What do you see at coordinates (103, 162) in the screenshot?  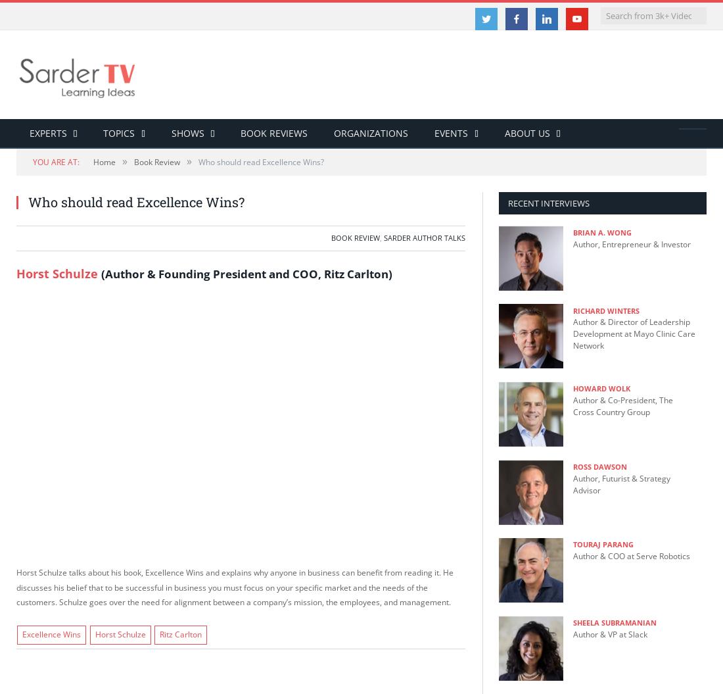 I see `'Home'` at bounding box center [103, 162].